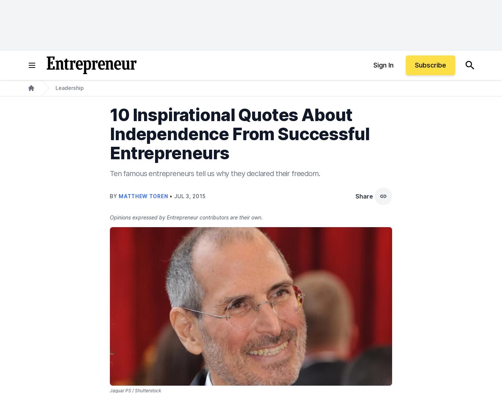 The width and height of the screenshot is (502, 393). Describe the element at coordinates (119, 199) in the screenshot. I see `'How I Trained My Intuition to Make Decisions Quickly'` at that location.